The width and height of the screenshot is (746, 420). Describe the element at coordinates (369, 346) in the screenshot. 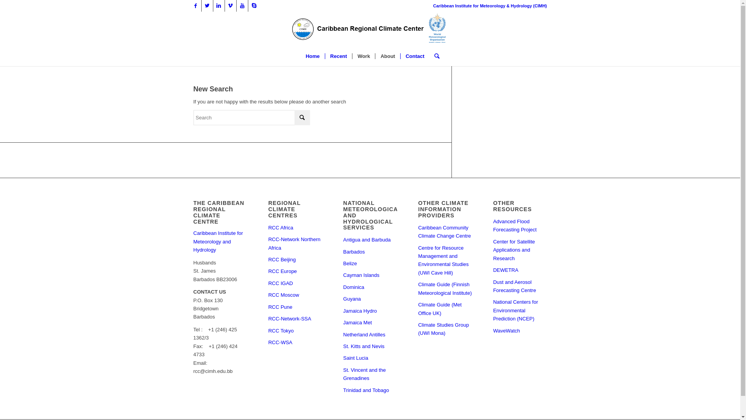

I see `'St. Kitts and Nevis'` at that location.